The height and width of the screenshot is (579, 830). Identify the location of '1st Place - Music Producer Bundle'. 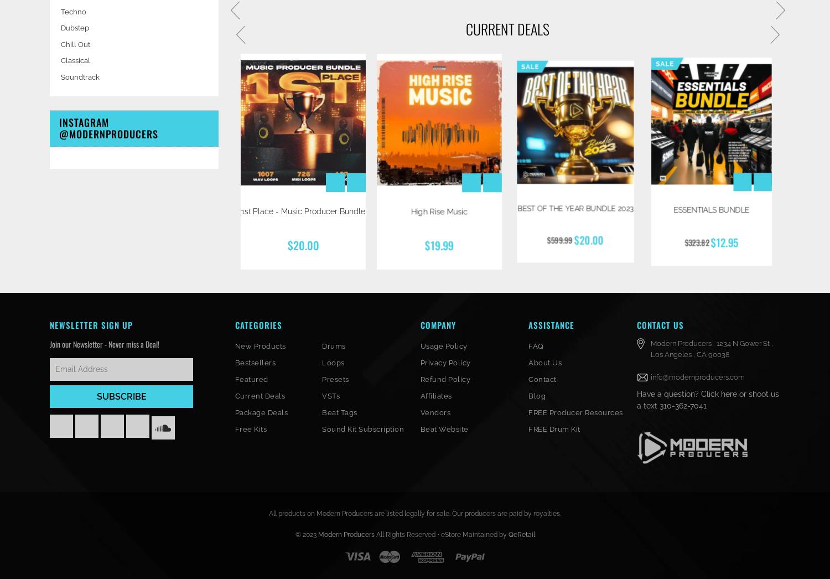
(303, 211).